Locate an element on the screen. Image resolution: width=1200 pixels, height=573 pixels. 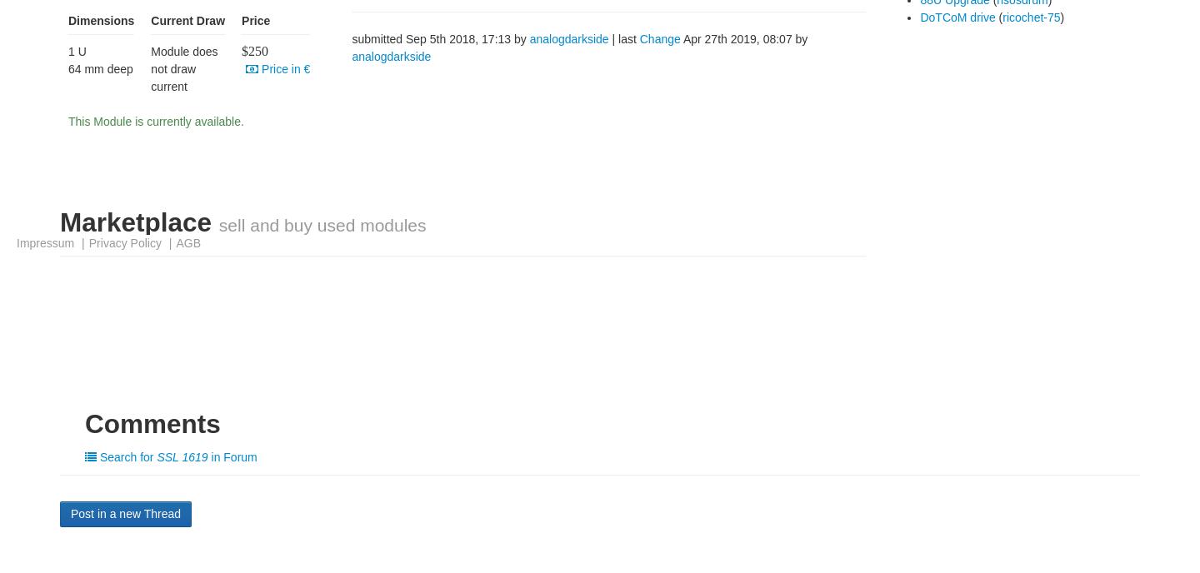
'Comments' is located at coordinates (152, 422).